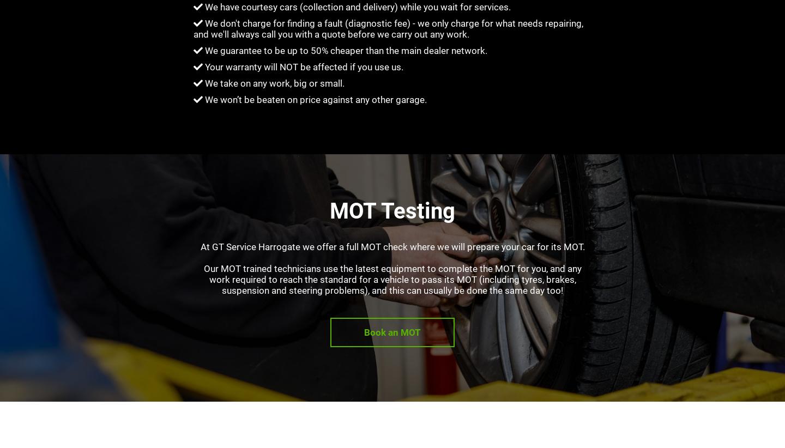 The width and height of the screenshot is (785, 448). What do you see at coordinates (329, 210) in the screenshot?
I see `'MOT Testing'` at bounding box center [329, 210].